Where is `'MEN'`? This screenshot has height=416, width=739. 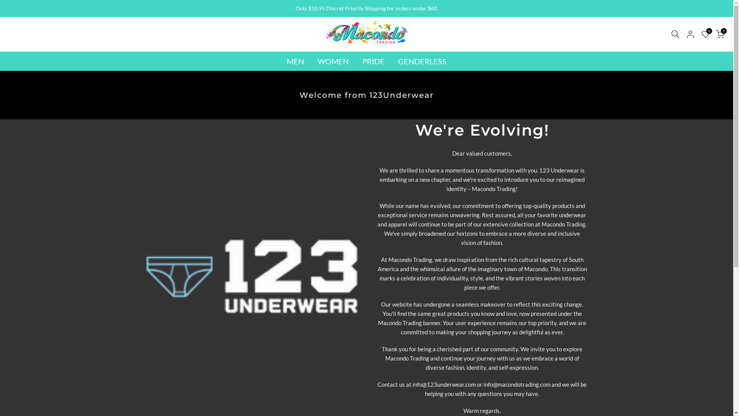
'MEN' is located at coordinates (295, 60).